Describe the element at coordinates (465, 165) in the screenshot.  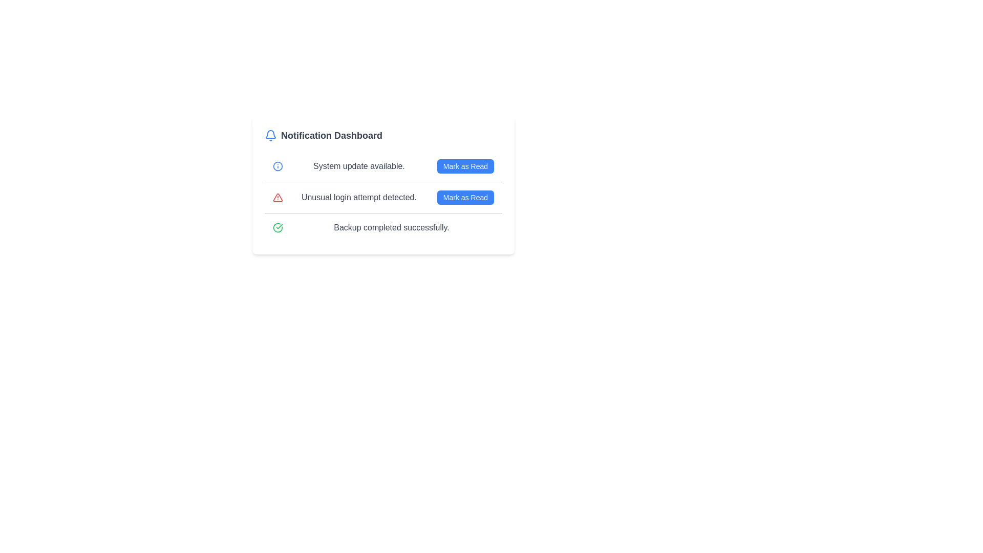
I see `the 'Mark as Read' button, which is a blue rectangular button with white text located to the right of the 'System update available.' text in the notification dashboard` at that location.